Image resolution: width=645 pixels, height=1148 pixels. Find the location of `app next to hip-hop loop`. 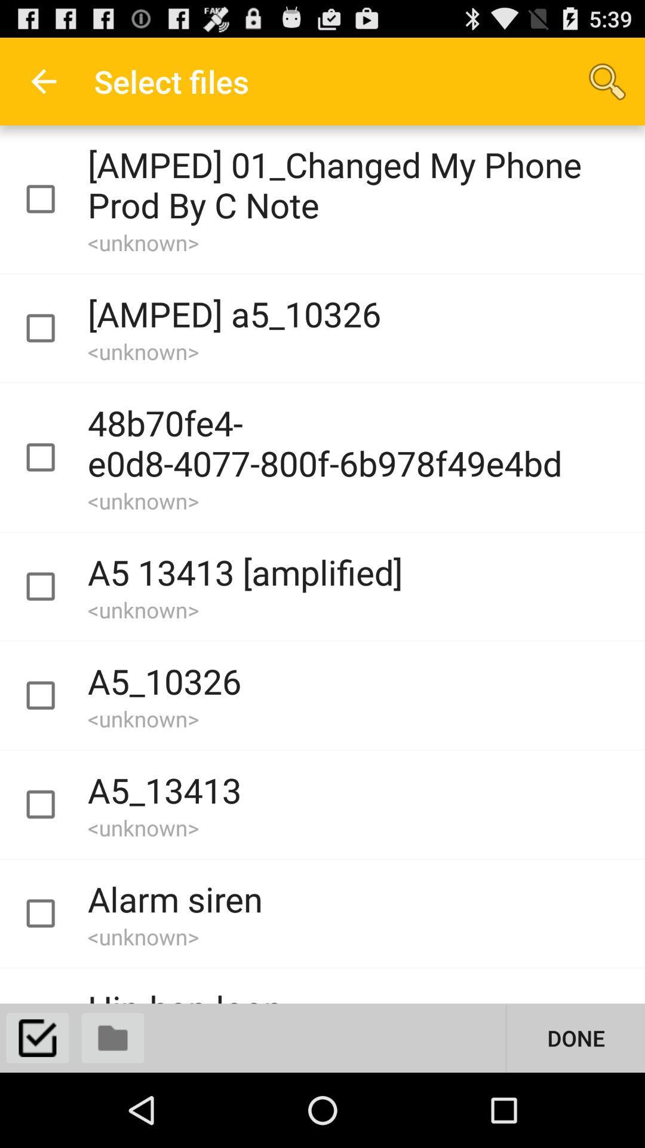

app next to hip-hop loop is located at coordinates (575, 1037).